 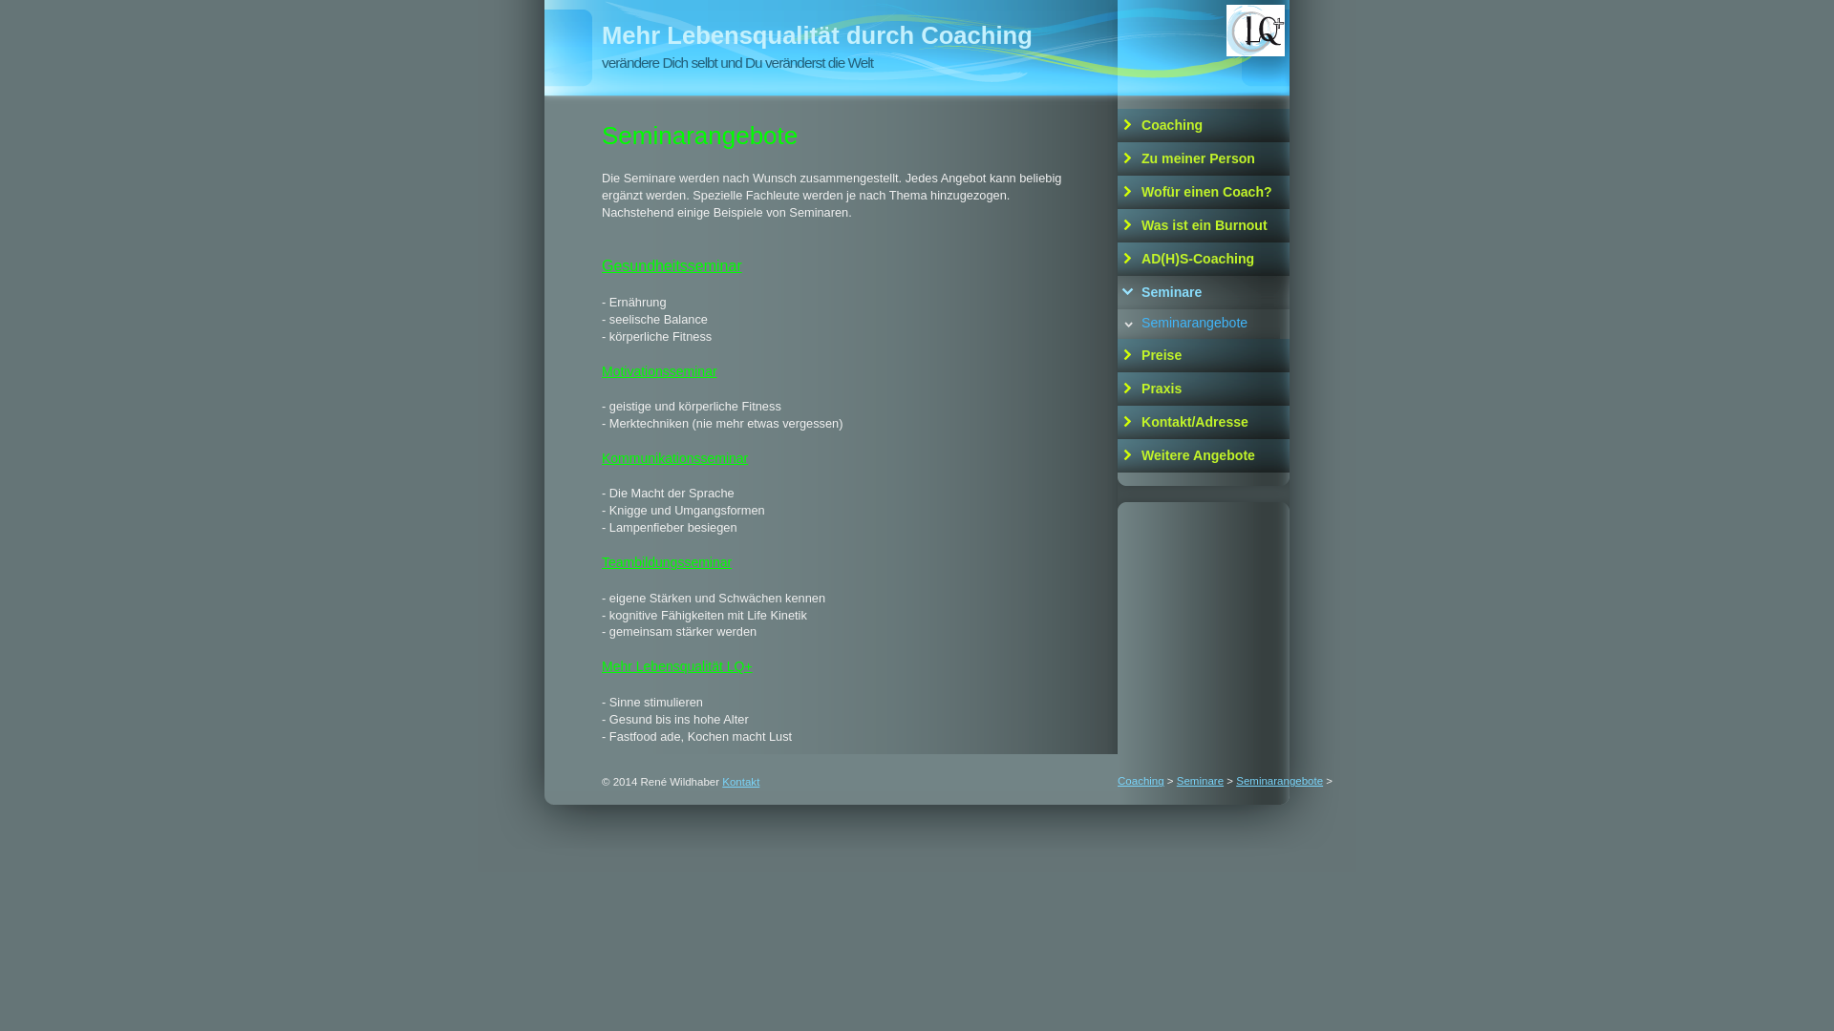 I want to click on 'Seminarangebote', so click(x=1236, y=780).